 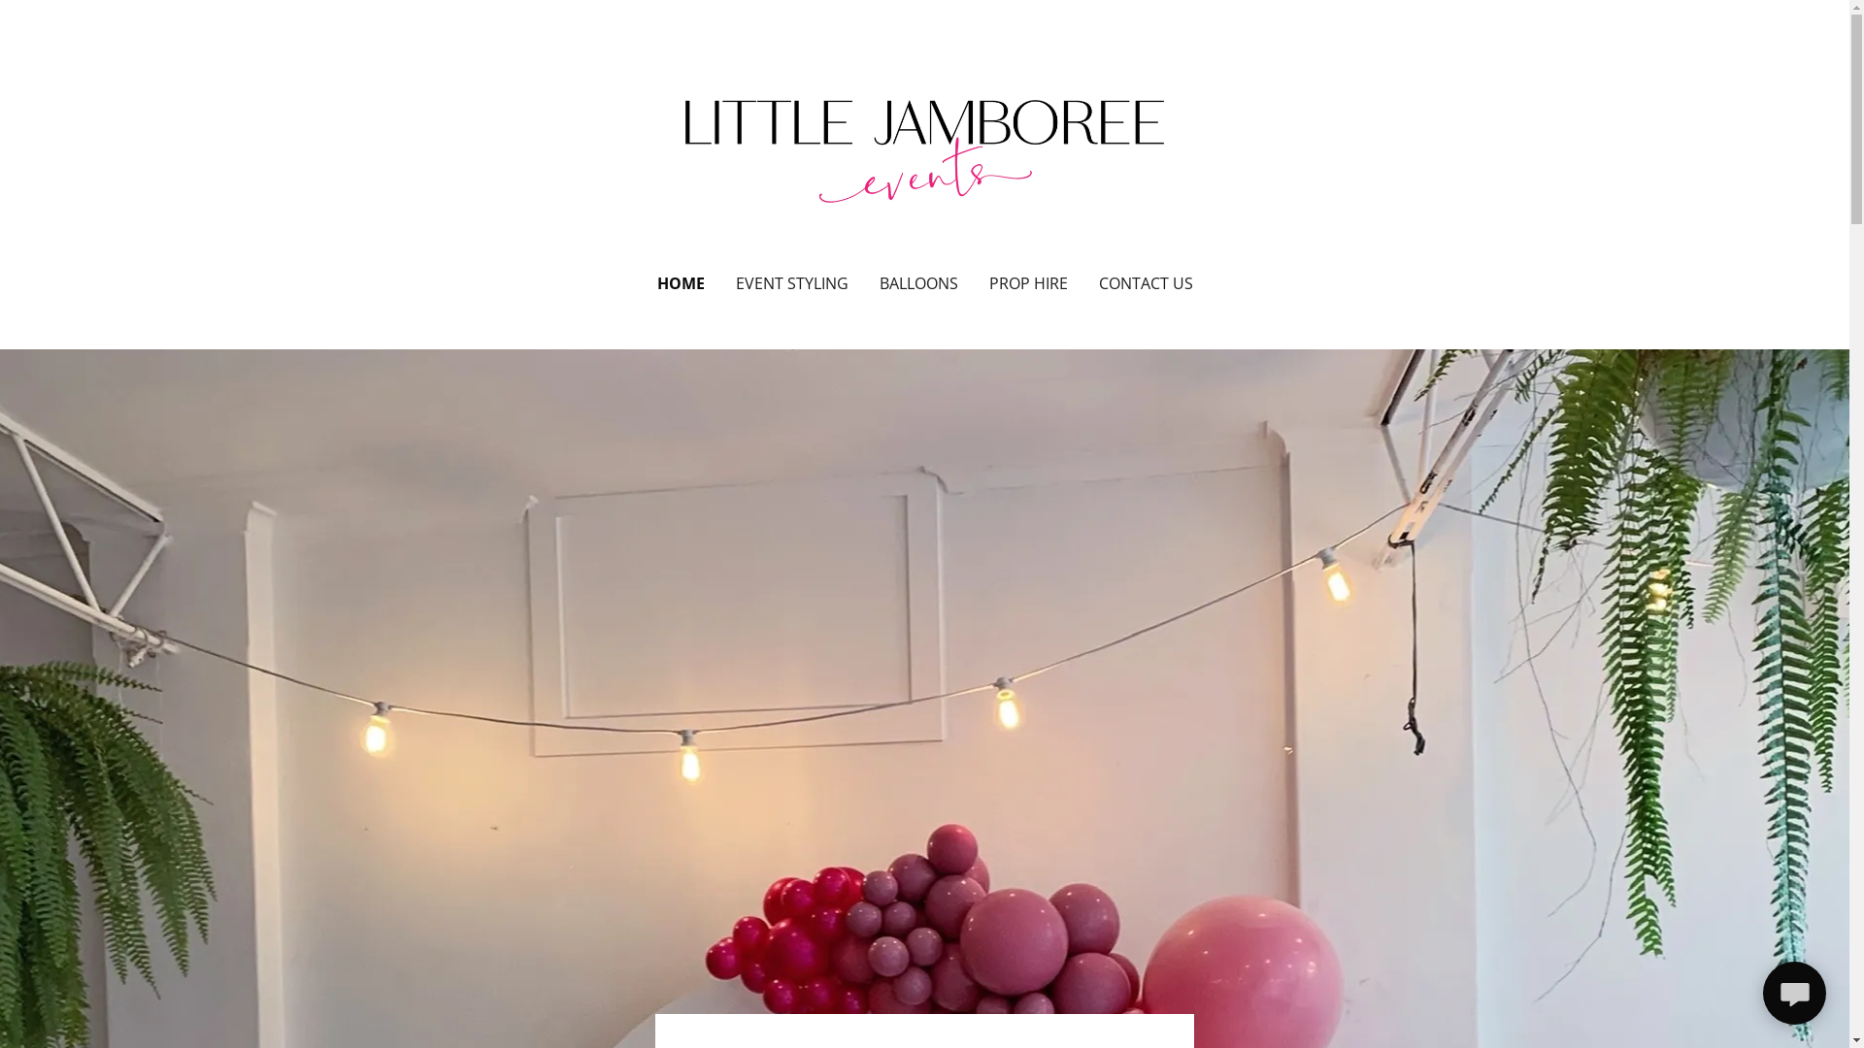 What do you see at coordinates (792, 283) in the screenshot?
I see `'EVENT STYLING'` at bounding box center [792, 283].